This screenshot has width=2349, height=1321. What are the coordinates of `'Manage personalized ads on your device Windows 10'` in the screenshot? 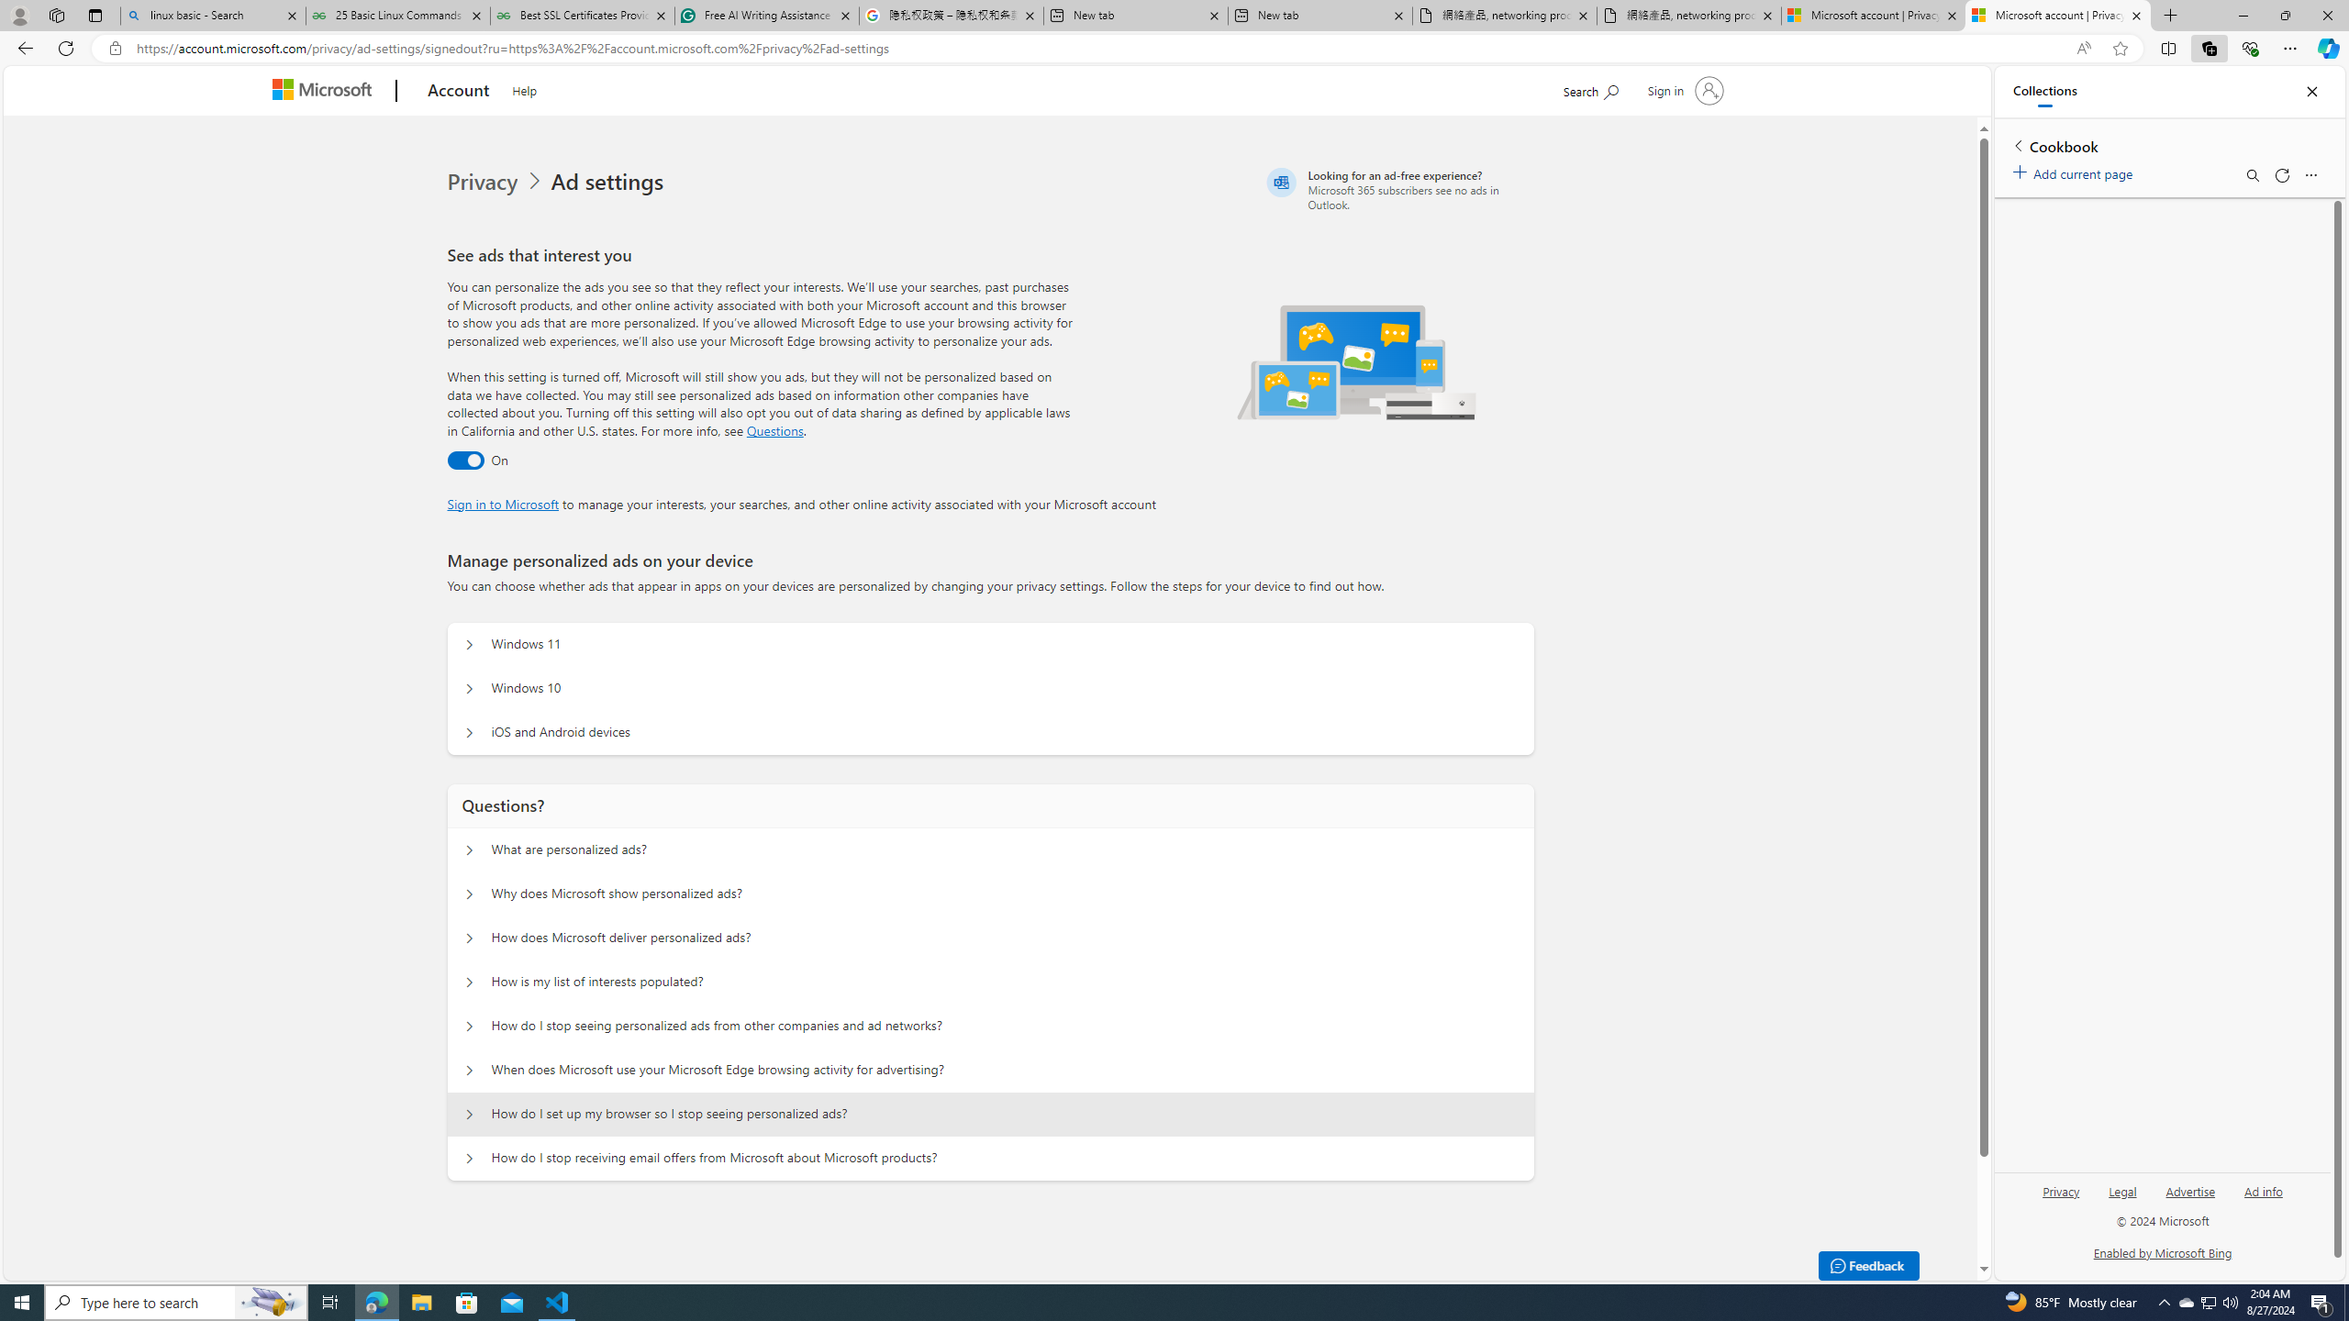 It's located at (467, 688).